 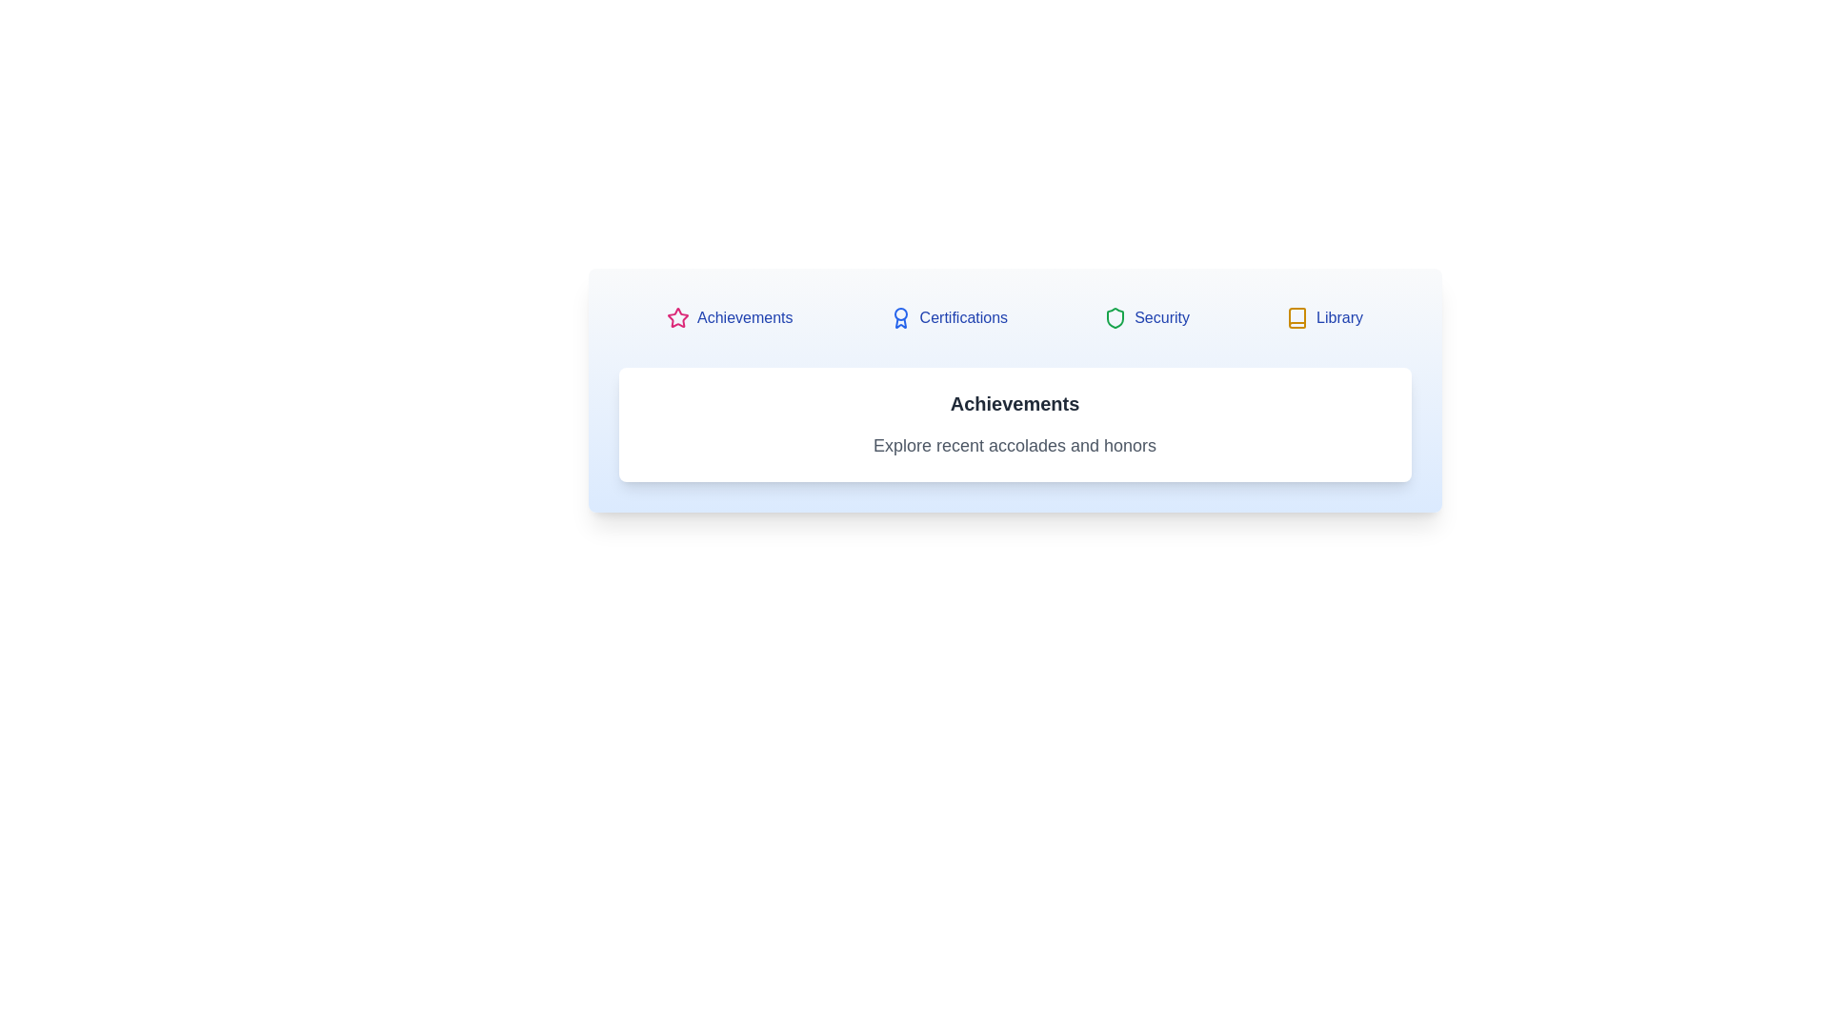 What do you see at coordinates (729, 317) in the screenshot?
I see `the tab corresponding to Achievements to switch sections` at bounding box center [729, 317].